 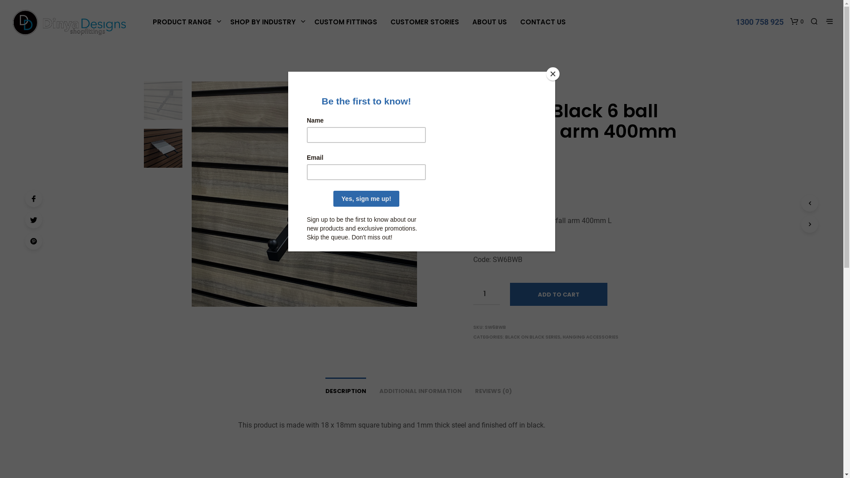 What do you see at coordinates (759, 21) in the screenshot?
I see `'1300 758 925'` at bounding box center [759, 21].